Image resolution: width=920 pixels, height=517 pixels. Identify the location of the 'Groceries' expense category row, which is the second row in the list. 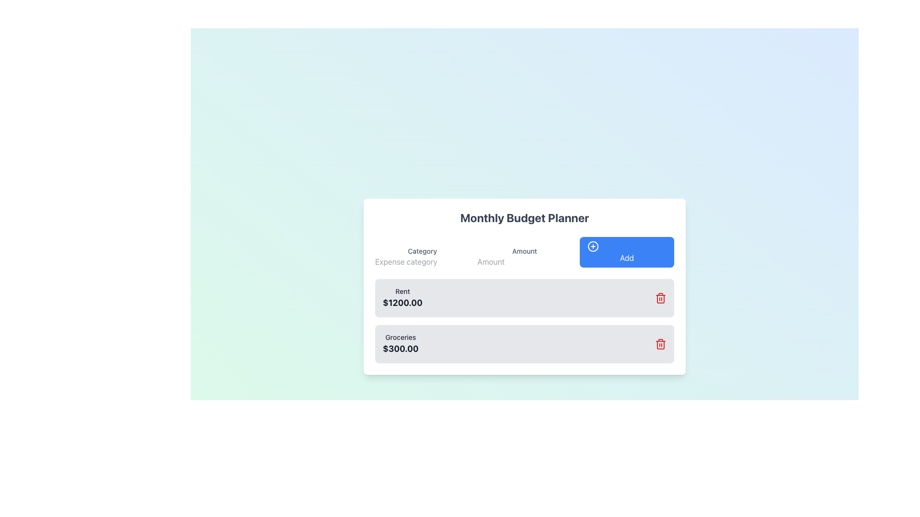
(524, 343).